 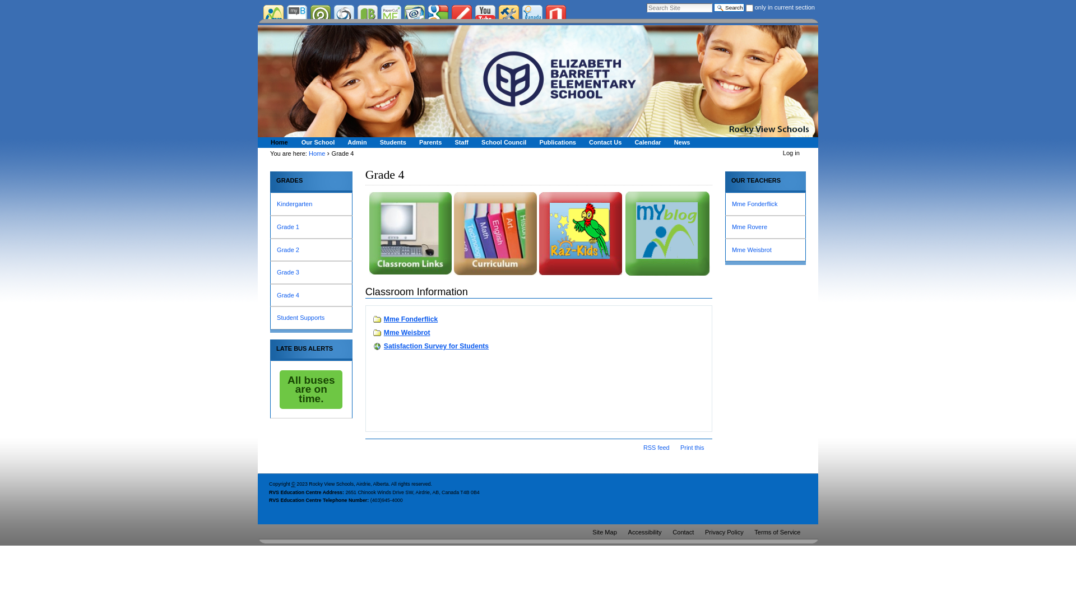 I want to click on 'RVS Gmail', so click(x=414, y=15).